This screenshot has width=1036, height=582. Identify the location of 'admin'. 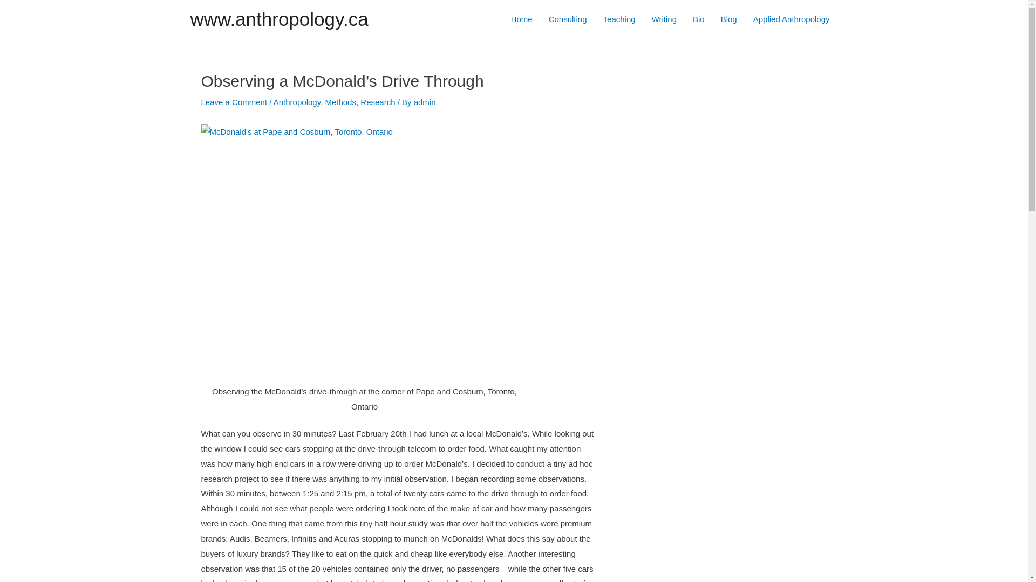
(424, 102).